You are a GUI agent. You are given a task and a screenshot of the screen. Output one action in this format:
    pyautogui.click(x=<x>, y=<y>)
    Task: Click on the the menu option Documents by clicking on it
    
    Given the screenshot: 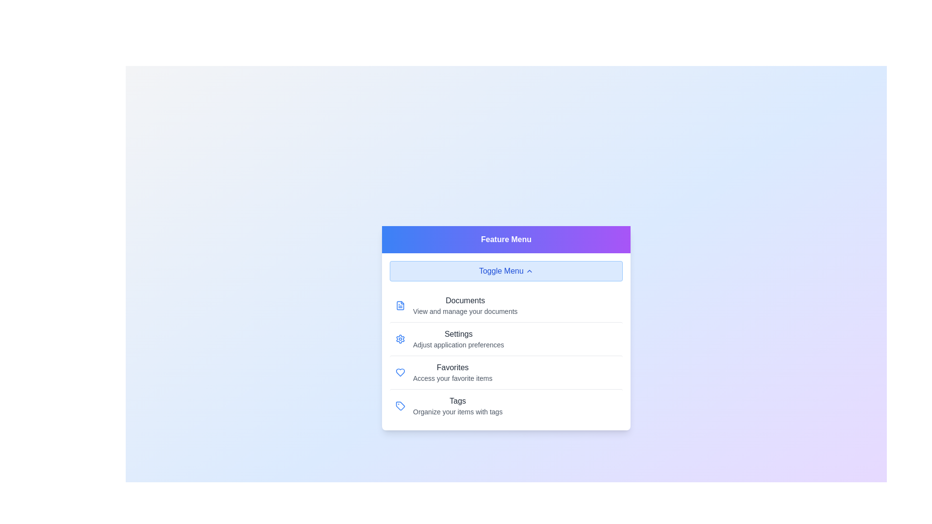 What is the action you would take?
    pyautogui.click(x=505, y=305)
    